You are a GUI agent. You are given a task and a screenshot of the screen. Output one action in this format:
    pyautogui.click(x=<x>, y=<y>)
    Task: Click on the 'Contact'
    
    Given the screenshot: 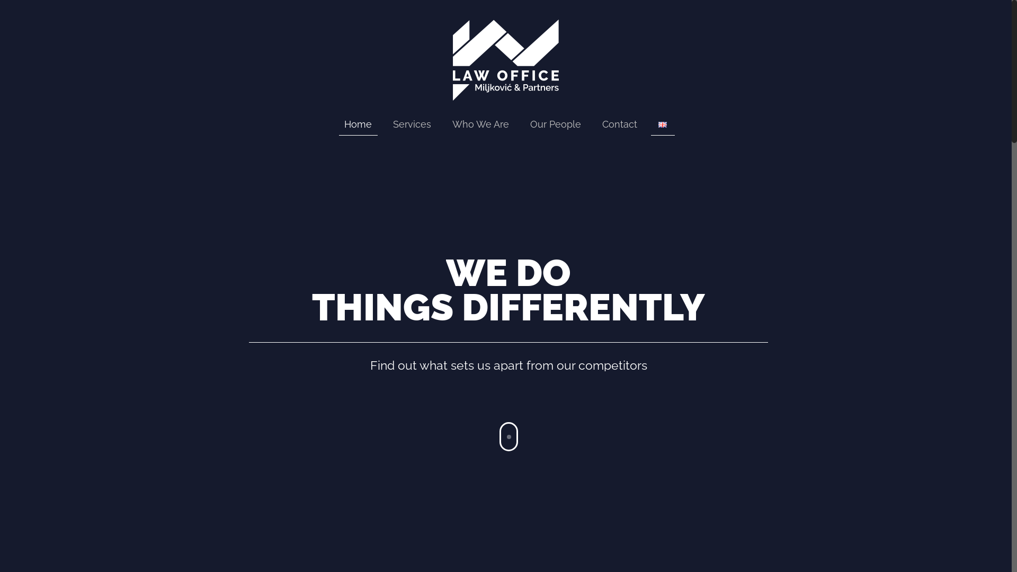 What is the action you would take?
    pyautogui.click(x=591, y=124)
    